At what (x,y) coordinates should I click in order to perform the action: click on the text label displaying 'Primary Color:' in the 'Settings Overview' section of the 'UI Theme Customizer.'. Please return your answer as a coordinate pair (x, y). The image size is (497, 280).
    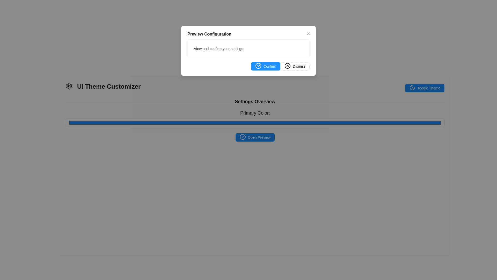
    Looking at the image, I should click on (255, 113).